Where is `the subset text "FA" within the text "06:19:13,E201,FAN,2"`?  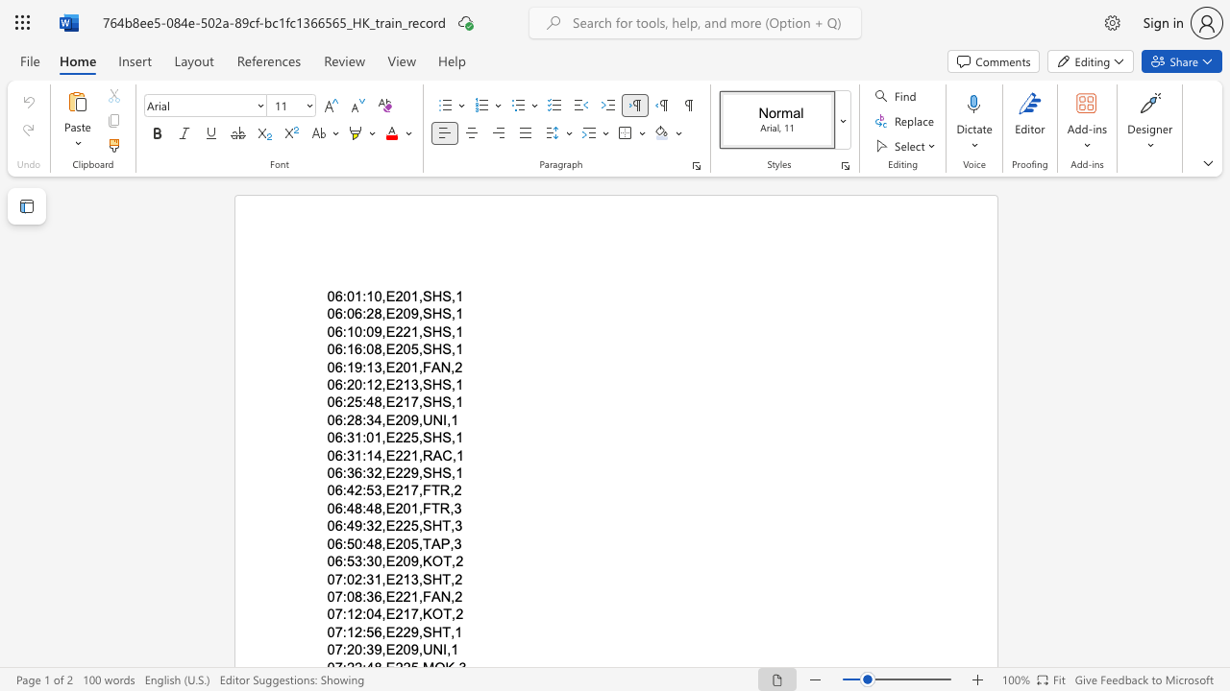 the subset text "FA" within the text "06:19:13,E201,FAN,2" is located at coordinates (421, 367).